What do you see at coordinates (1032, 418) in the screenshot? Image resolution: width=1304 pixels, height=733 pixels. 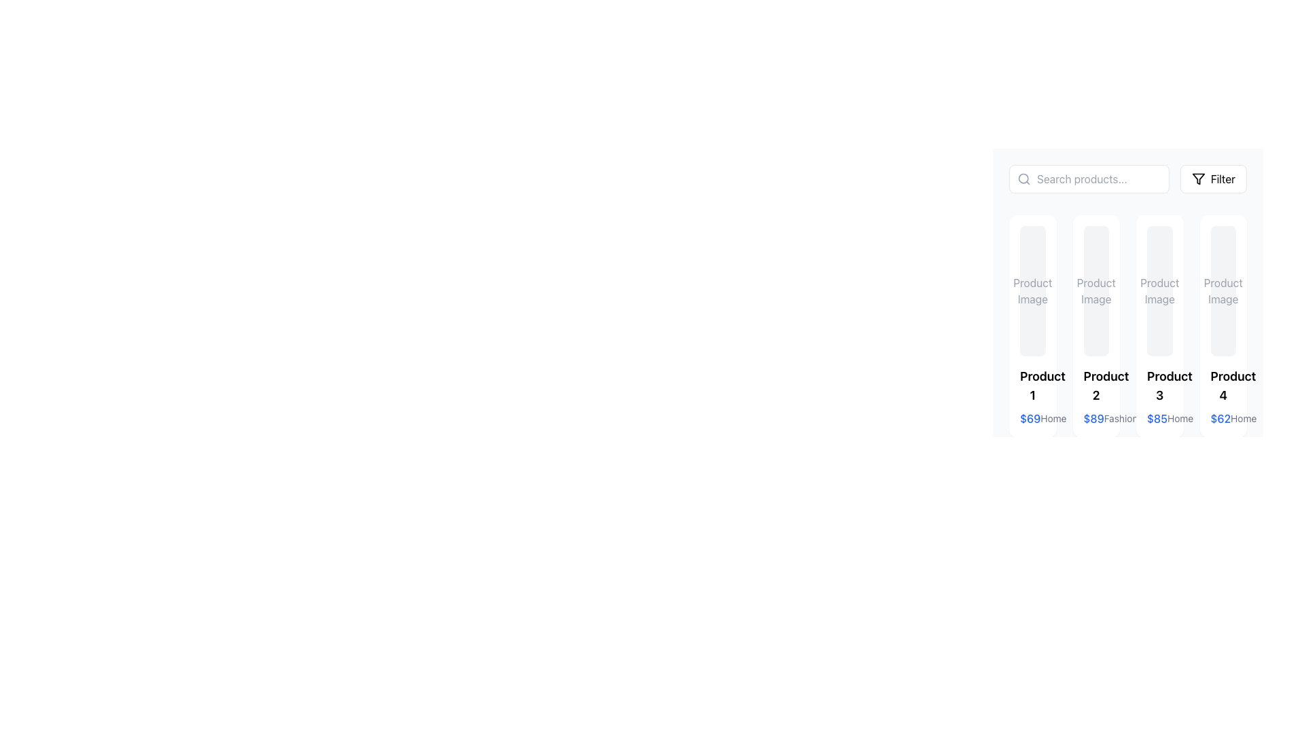 I see `text information from the Text label group displaying the price '$69' in blue and bold and the description 'Home' in gray` at bounding box center [1032, 418].